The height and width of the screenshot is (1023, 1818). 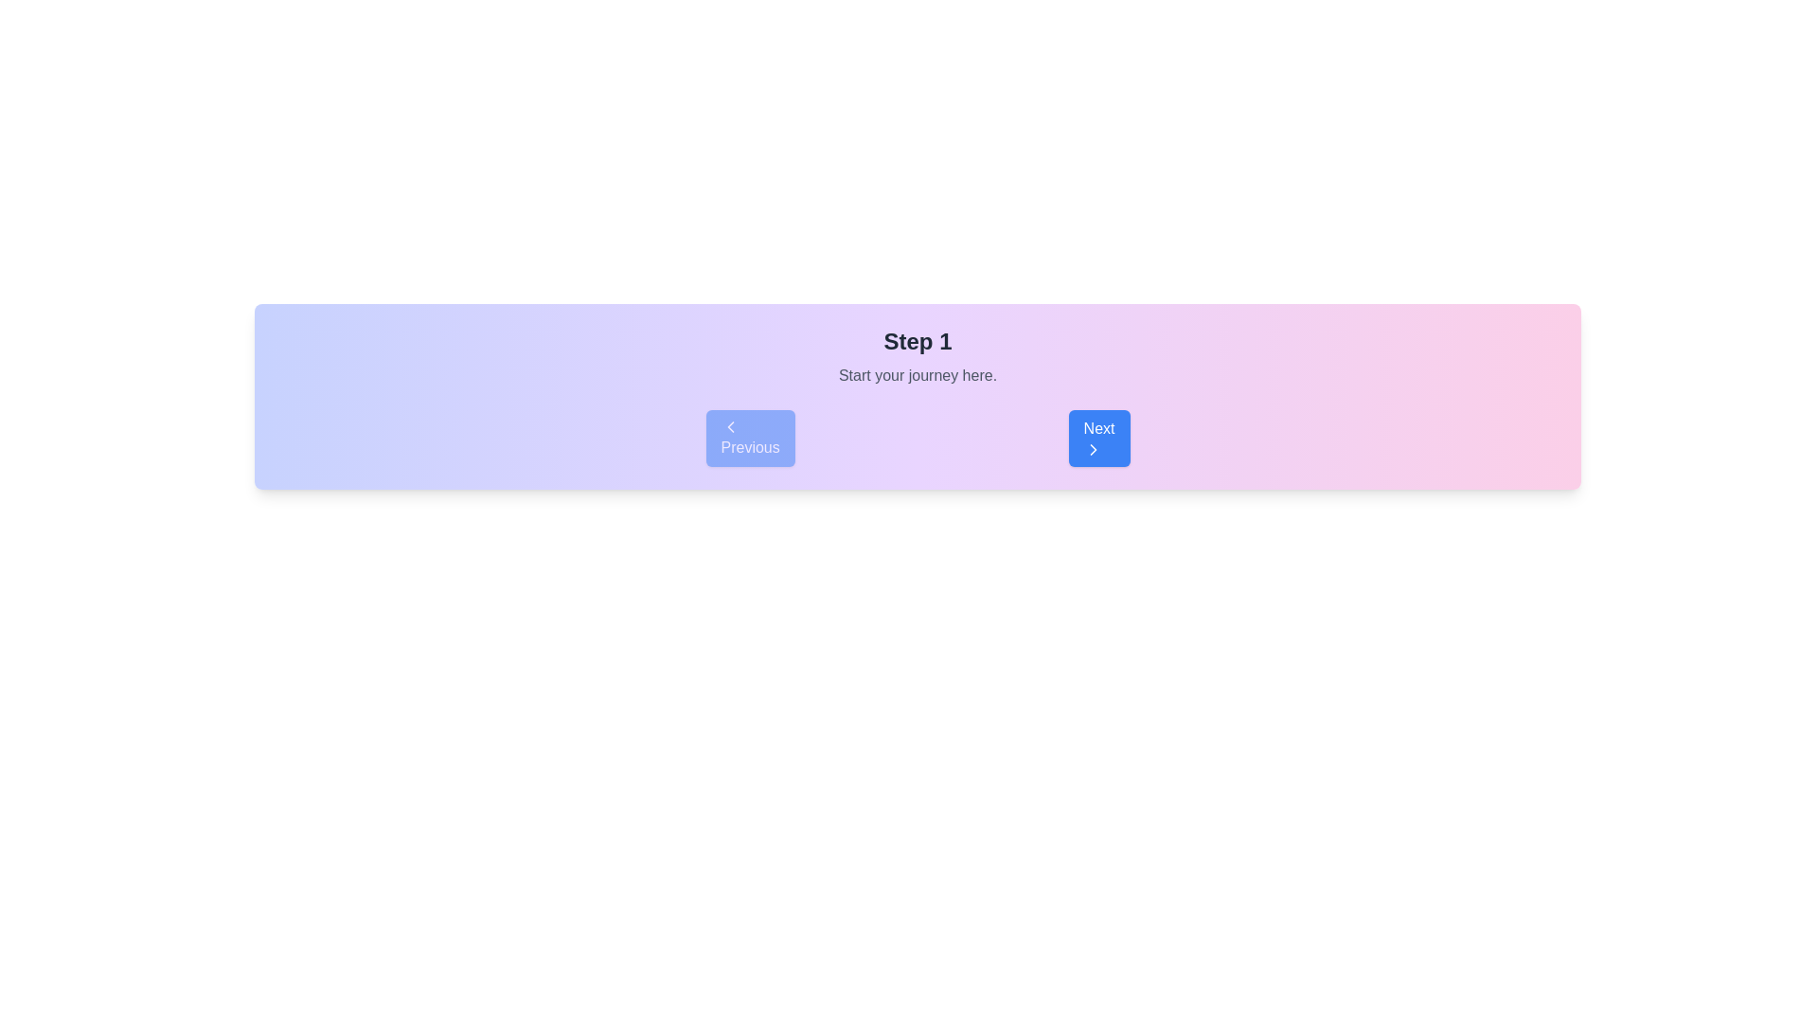 I want to click on the rightward-facing chevron arrow icon of the 'Next' button, so click(x=1093, y=449).